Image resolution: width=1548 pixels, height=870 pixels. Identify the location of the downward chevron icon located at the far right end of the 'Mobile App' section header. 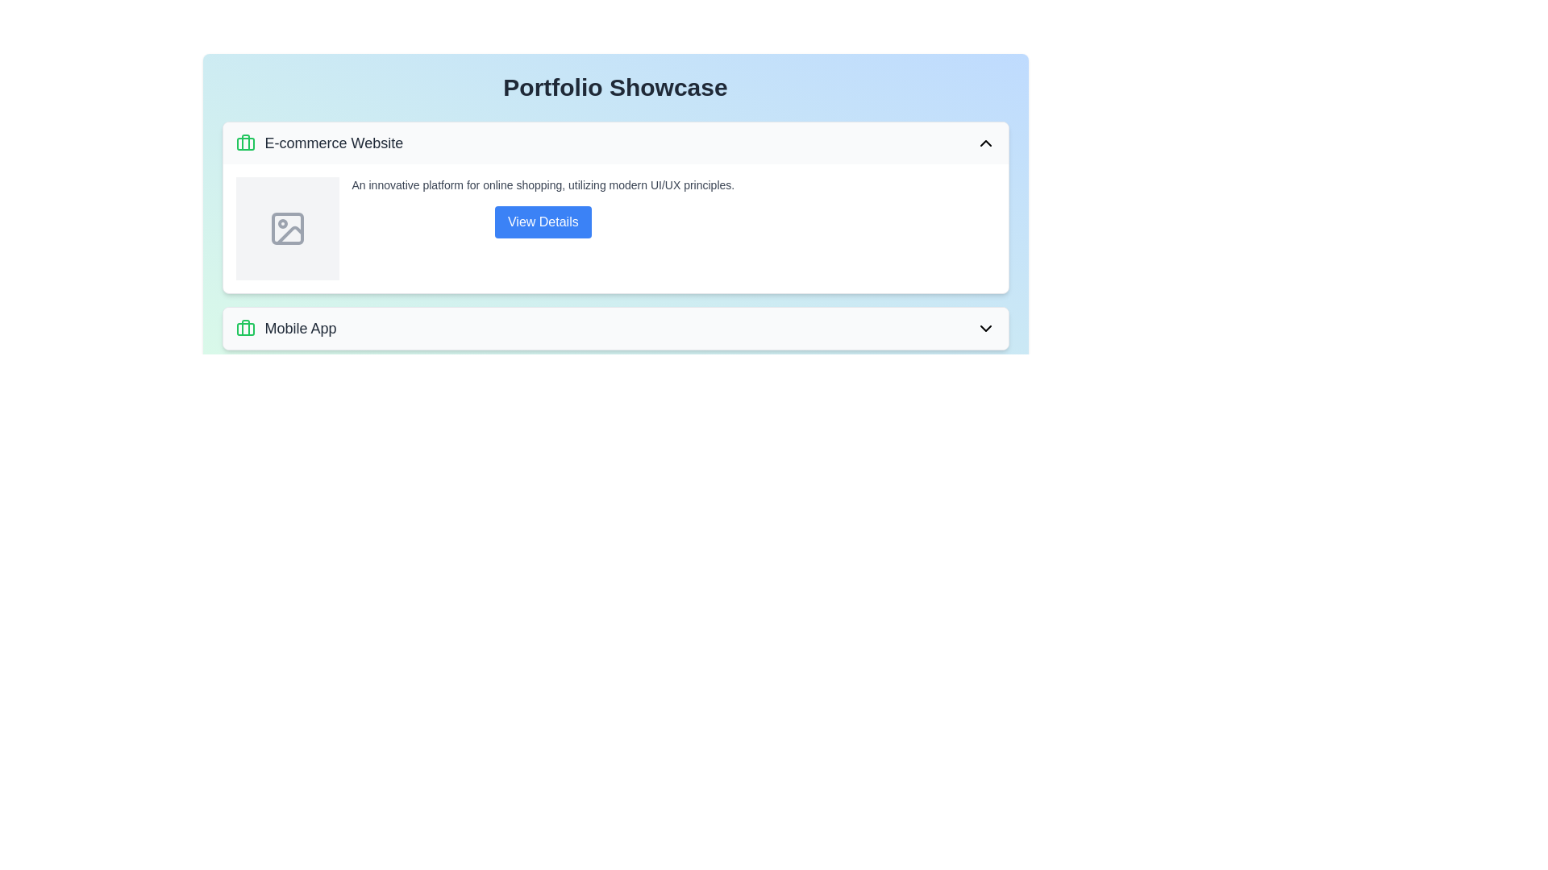
(984, 328).